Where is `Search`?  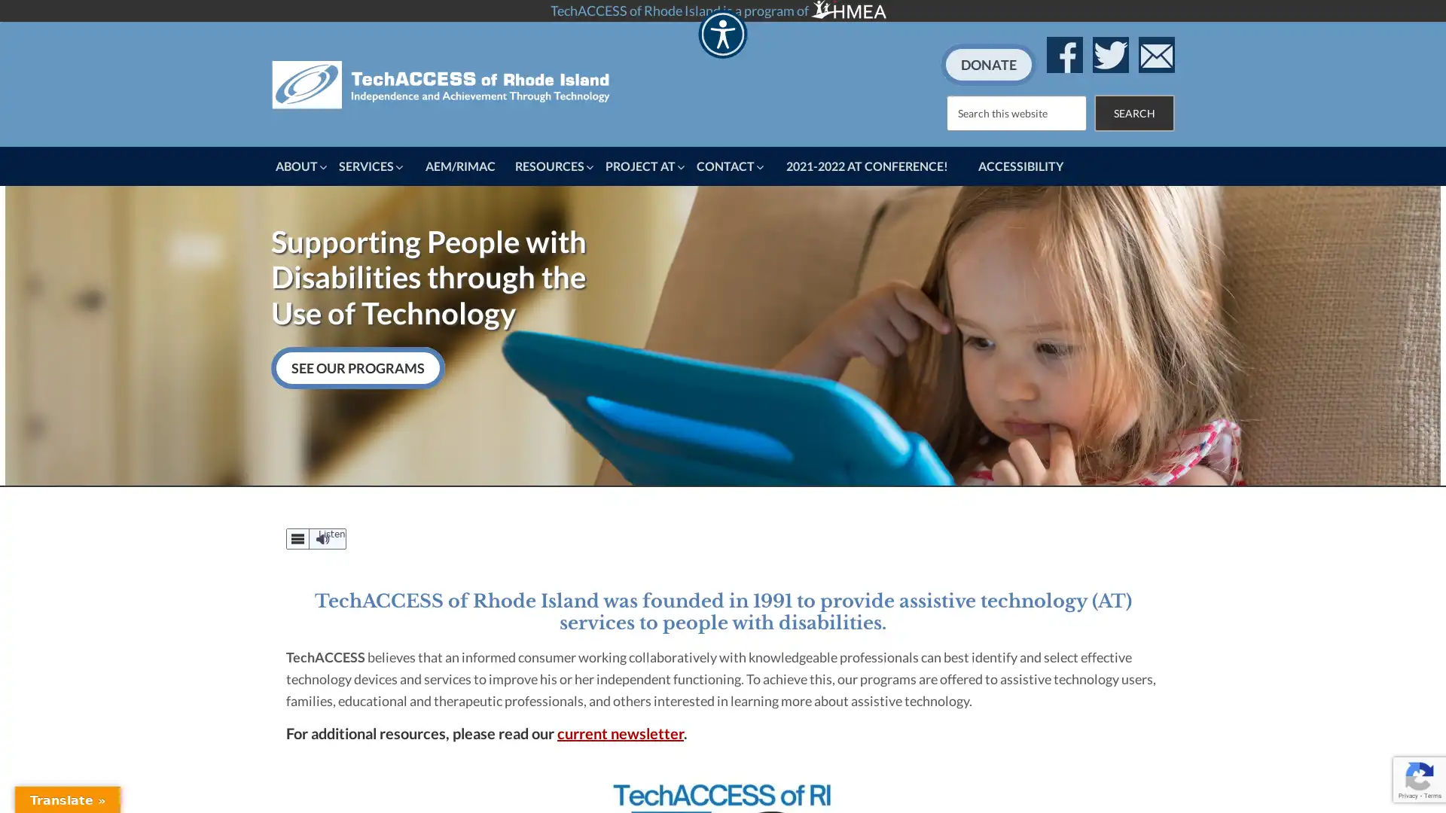 Search is located at coordinates (1134, 111).